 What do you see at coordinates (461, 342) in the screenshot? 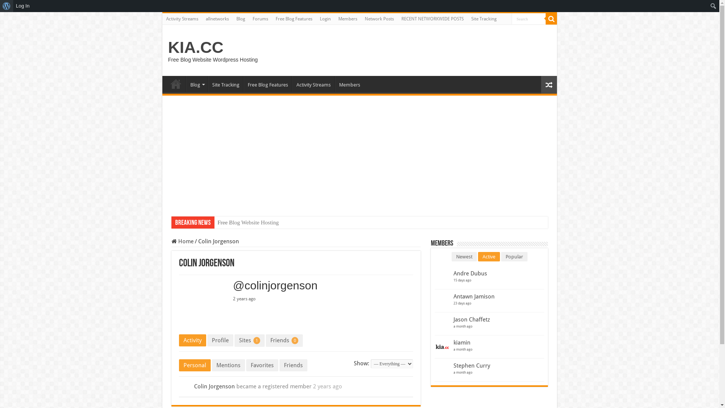
I see `'kiamin'` at bounding box center [461, 342].